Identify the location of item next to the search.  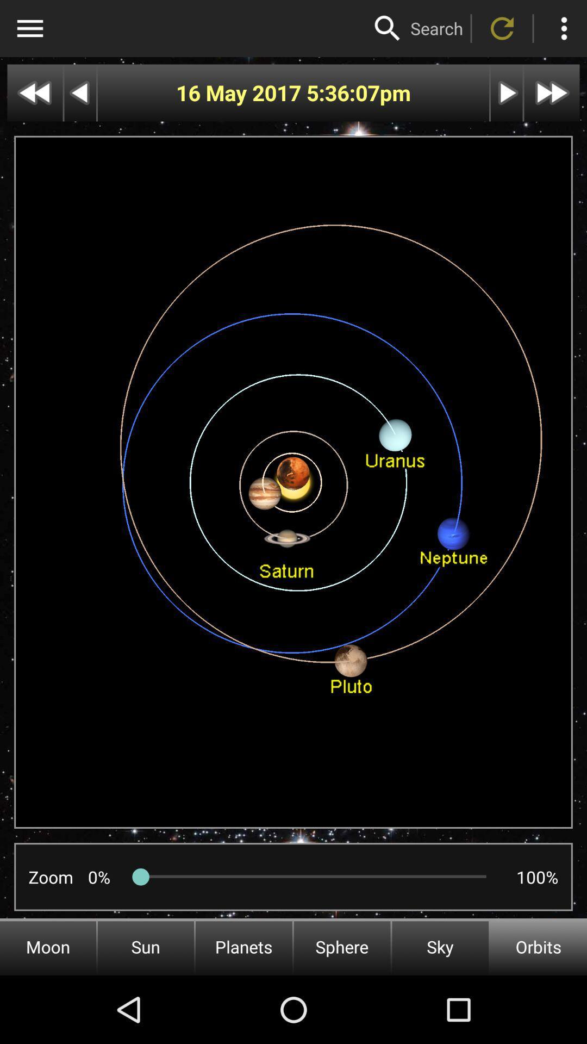
(387, 28).